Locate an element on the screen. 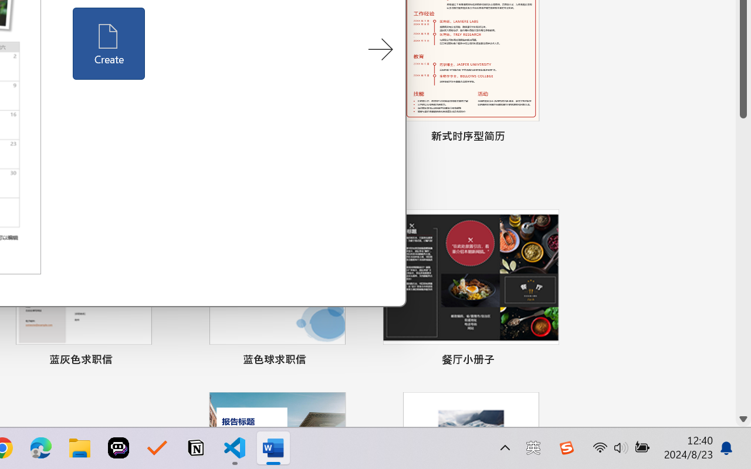  'Page down' is located at coordinates (743, 264).